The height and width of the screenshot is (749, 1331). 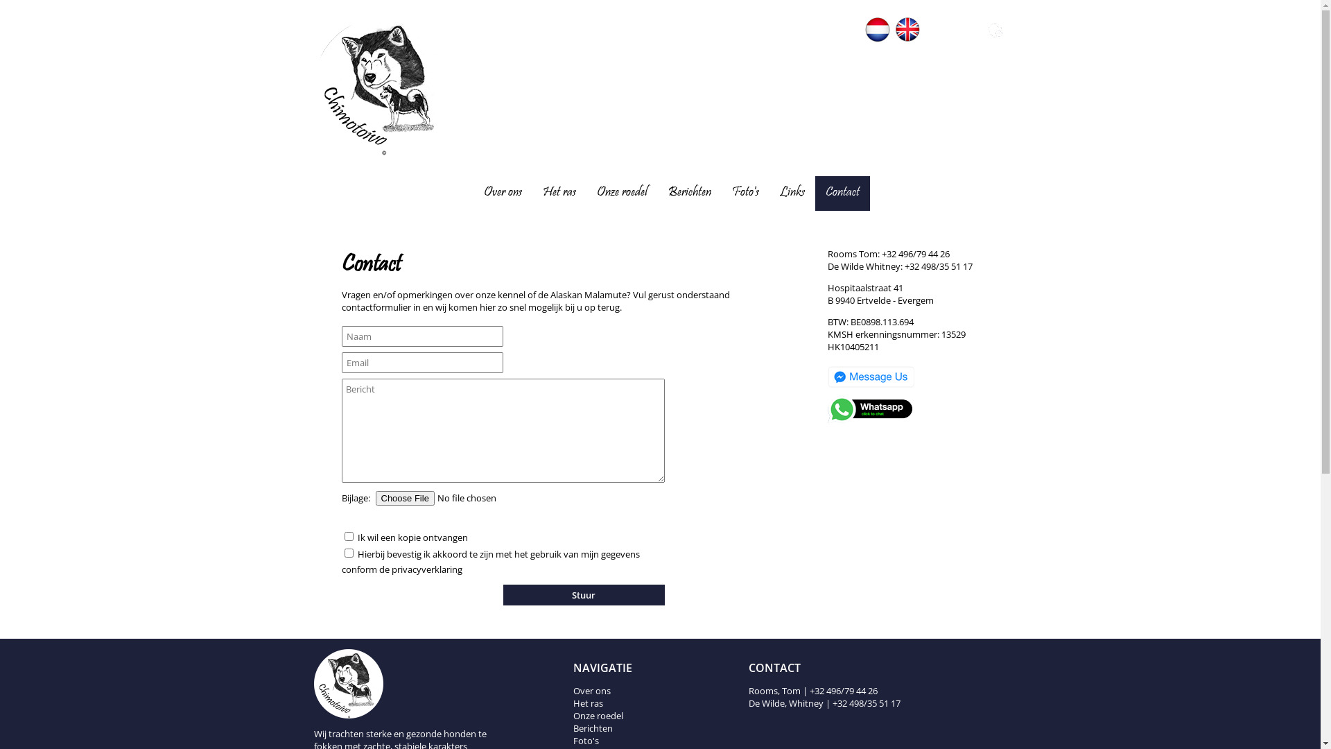 What do you see at coordinates (907, 29) in the screenshot?
I see `'Chimotoivo English'` at bounding box center [907, 29].